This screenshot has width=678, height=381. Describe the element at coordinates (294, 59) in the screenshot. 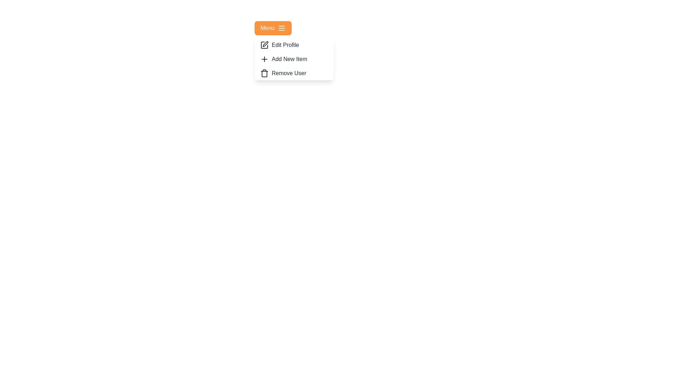

I see `the menu item Add New Item to reveal its hover effect` at that location.